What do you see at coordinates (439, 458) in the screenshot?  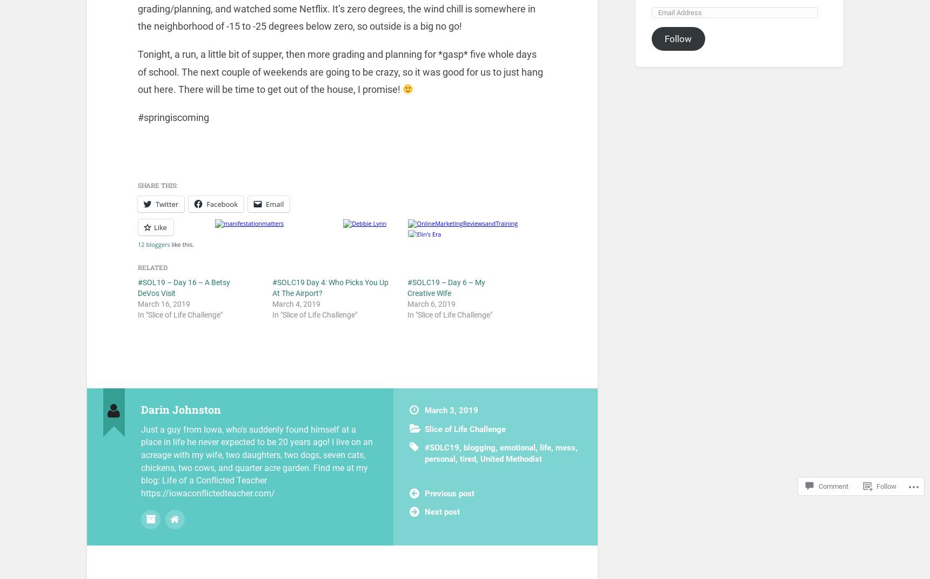 I see `'personal'` at bounding box center [439, 458].